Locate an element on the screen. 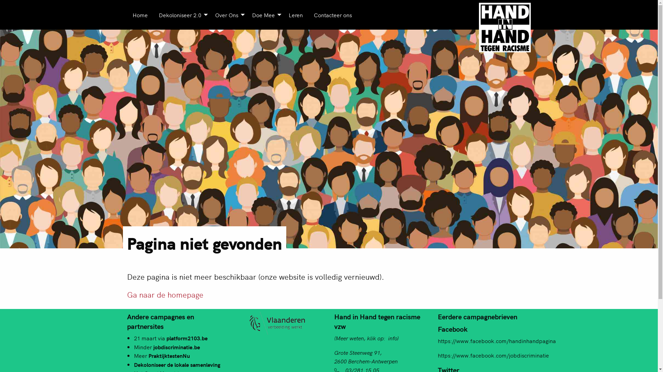 Image resolution: width=663 pixels, height=372 pixels. 'Doe Mee' is located at coordinates (265, 14).